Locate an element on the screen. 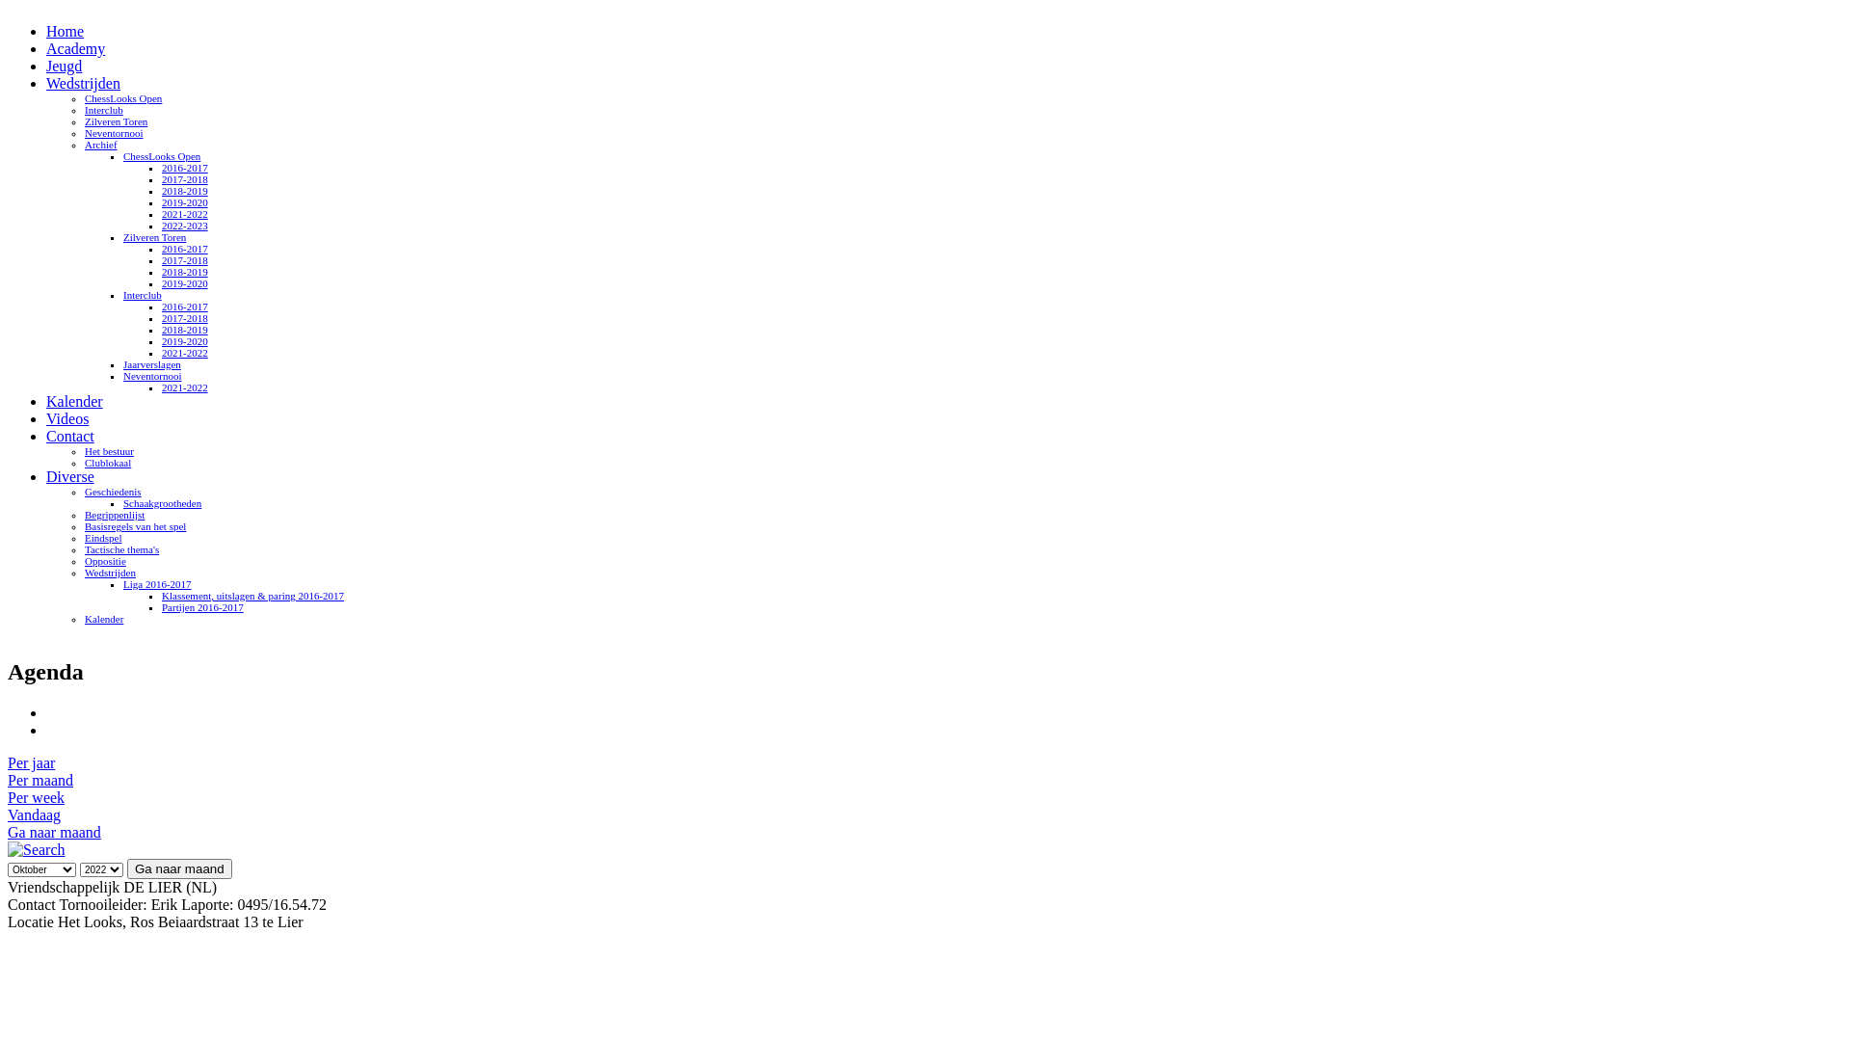 This screenshot has width=1850, height=1041. 'Vandaag' is located at coordinates (8, 814).